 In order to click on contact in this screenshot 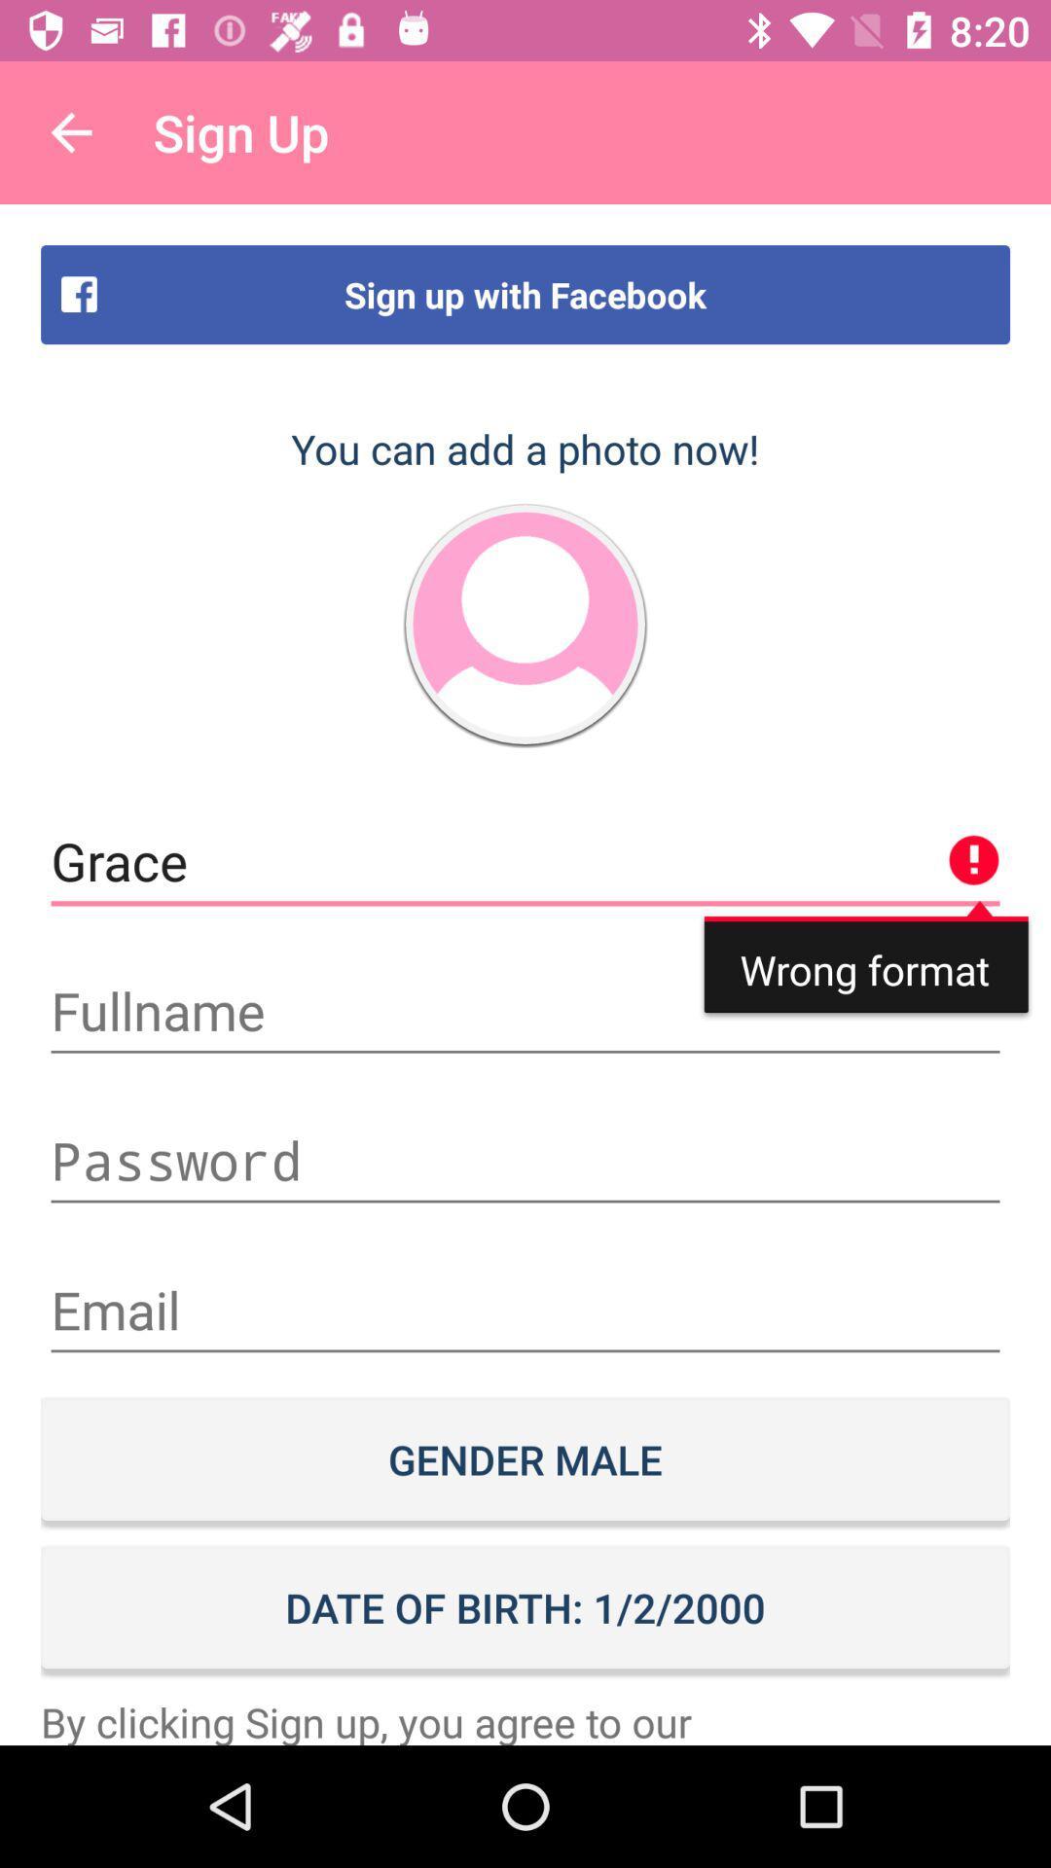, I will do `click(525, 625)`.